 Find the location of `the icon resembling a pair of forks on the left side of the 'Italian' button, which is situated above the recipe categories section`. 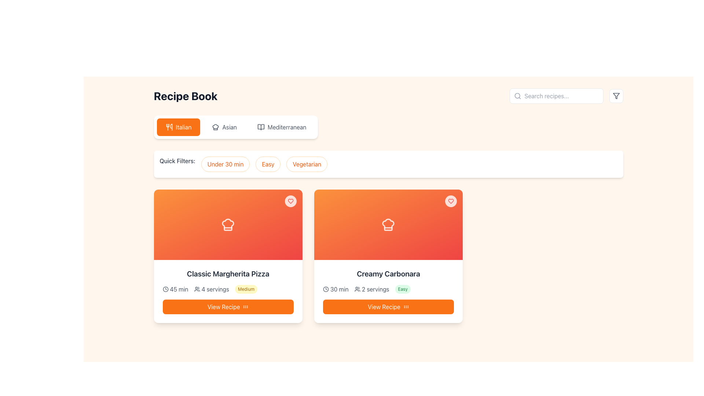

the icon resembling a pair of forks on the left side of the 'Italian' button, which is situated above the recipe categories section is located at coordinates (169, 127).